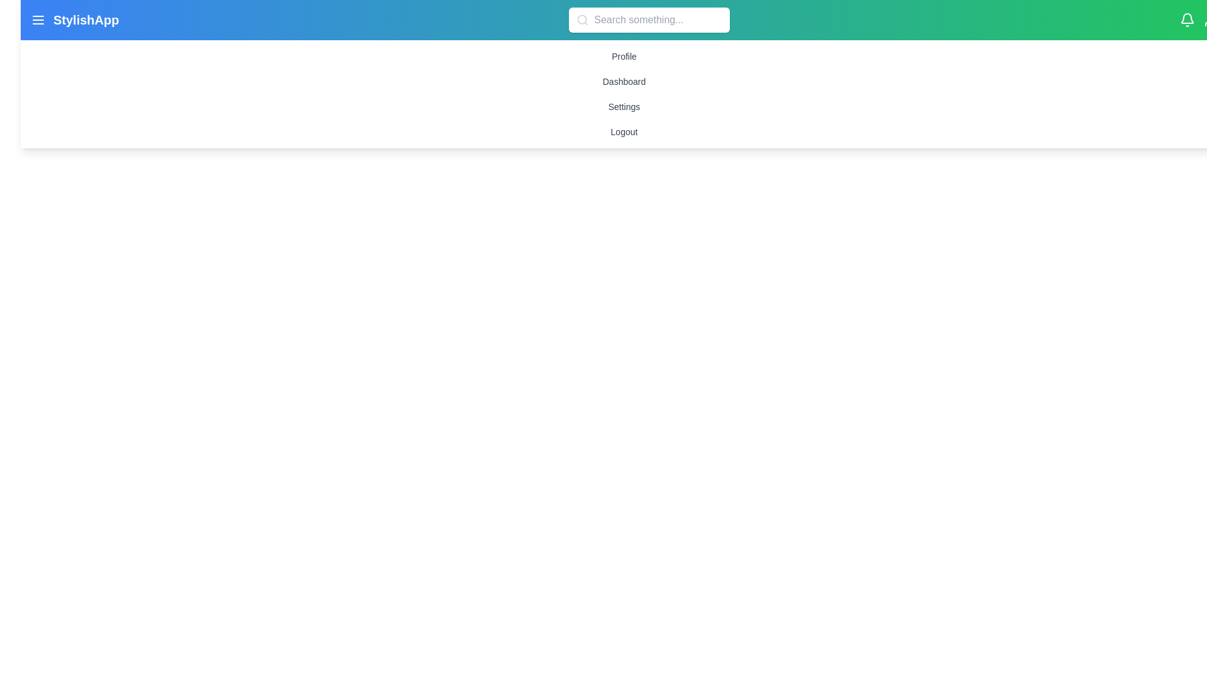  I want to click on the Notification Bell Icon, which is a white bell icon located at the far right of the header, so click(1186, 19).